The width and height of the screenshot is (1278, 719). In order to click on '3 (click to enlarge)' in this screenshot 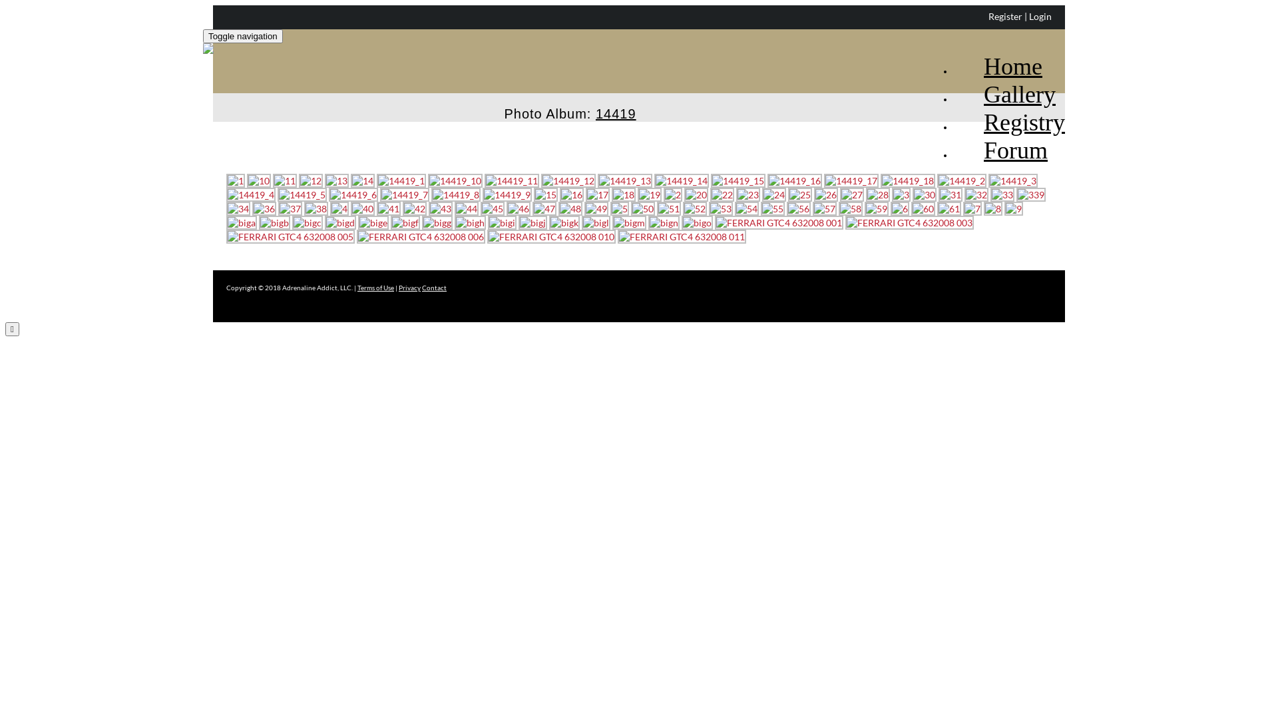, I will do `click(901, 194)`.